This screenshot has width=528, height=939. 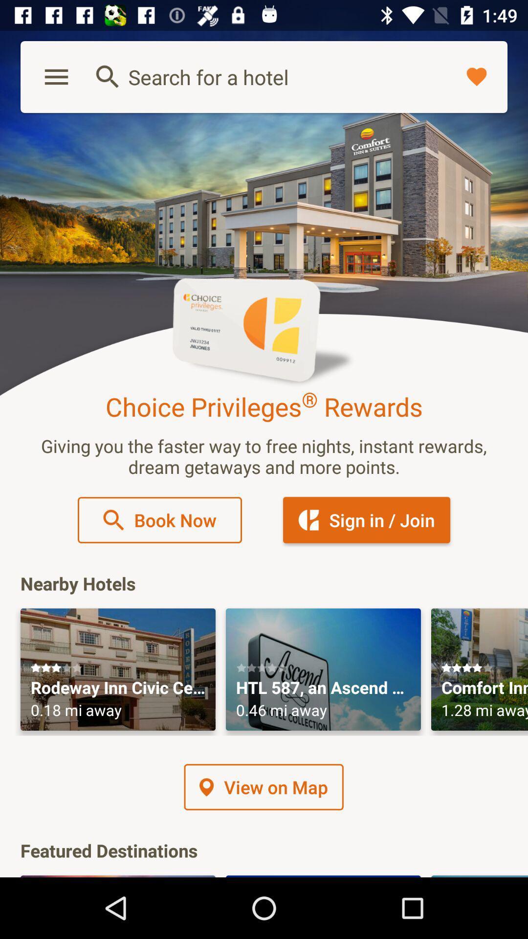 What do you see at coordinates (117, 669) in the screenshot?
I see `first nearby hotel` at bounding box center [117, 669].